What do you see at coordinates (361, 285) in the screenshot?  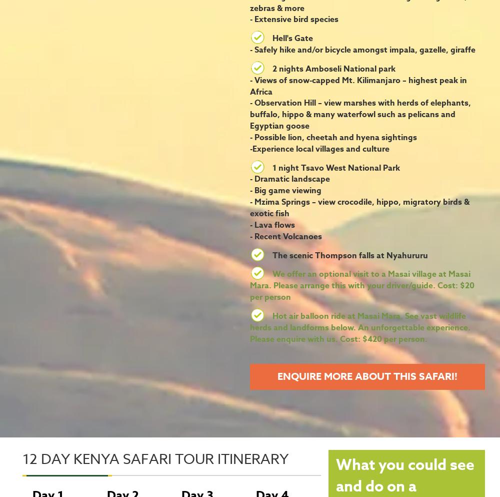 I see `'We offer an optional visit to a Masai village at Masai Mara. Please arrange this with your driver/guide. Cost: $20 per person'` at bounding box center [361, 285].